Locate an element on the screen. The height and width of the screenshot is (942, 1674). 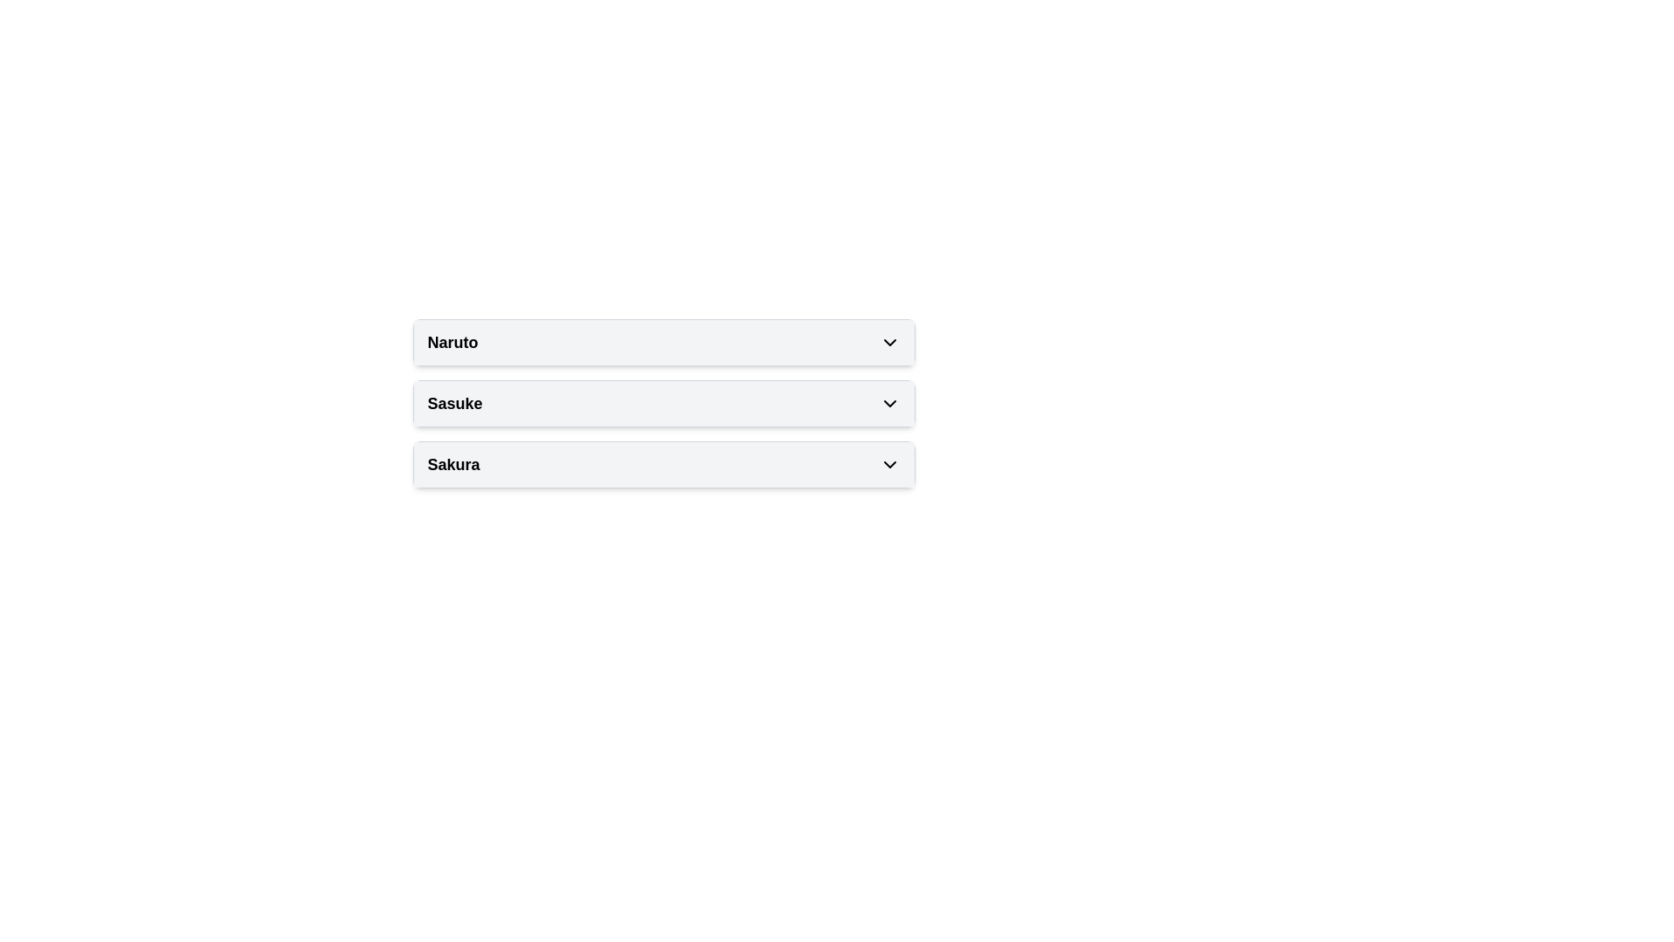
the 'Sasuke' dropdown button is located at coordinates (663, 403).